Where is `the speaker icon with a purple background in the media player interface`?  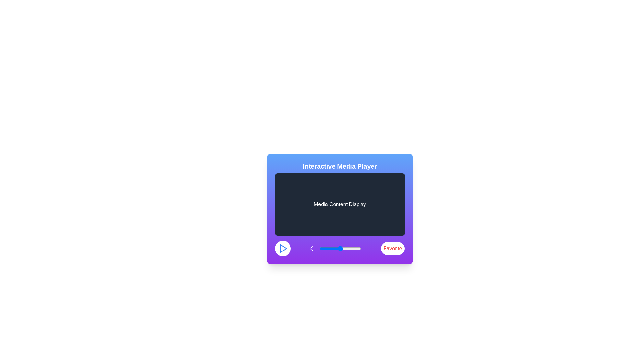 the speaker icon with a purple background in the media player interface is located at coordinates (313, 248).